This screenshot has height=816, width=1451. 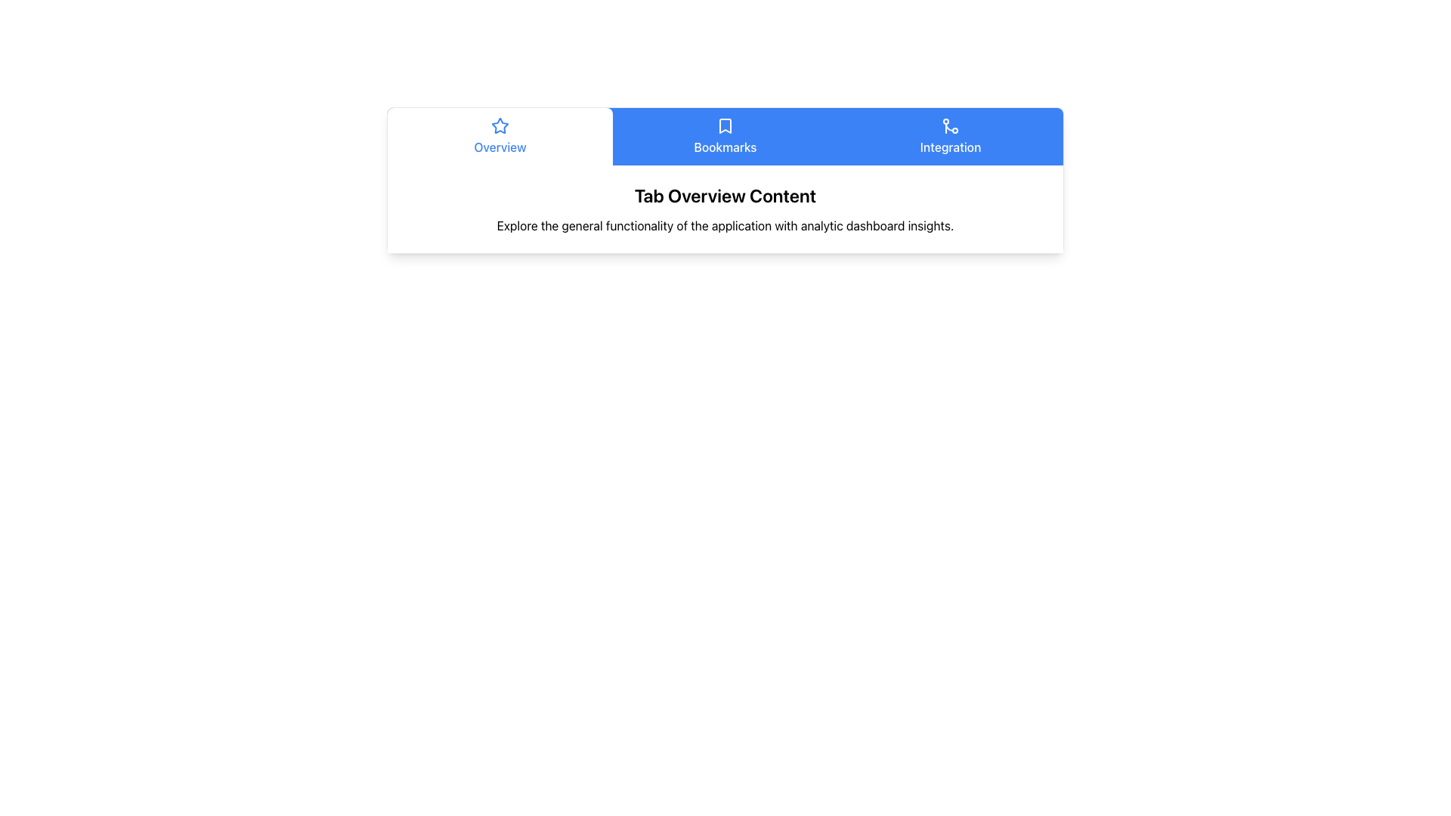 I want to click on the 'Integration' text label located at the bottom of the blue button-like area in the horizontal navigation menu, so click(x=949, y=147).